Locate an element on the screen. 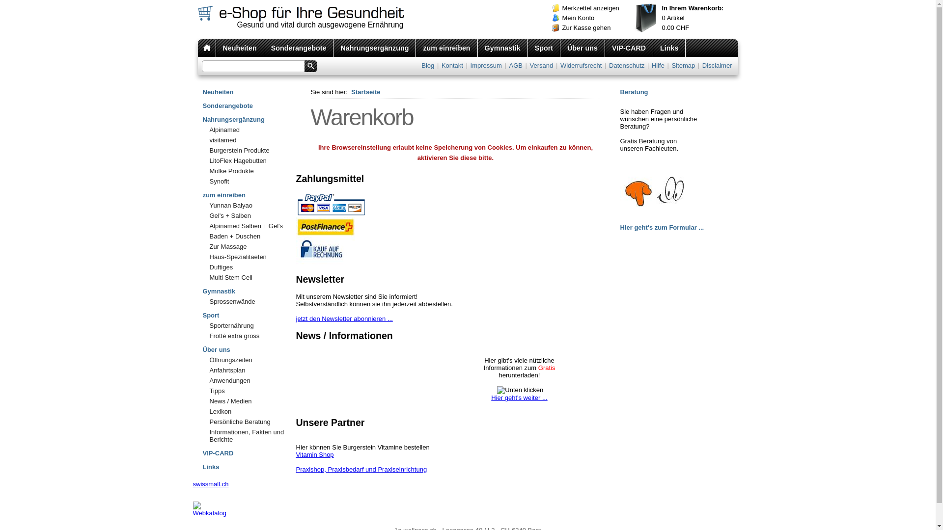 The height and width of the screenshot is (530, 943). 'visitamed' is located at coordinates (249, 140).